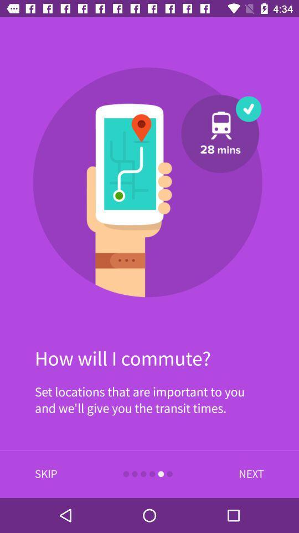 The image size is (299, 533). Describe the element at coordinates (45, 474) in the screenshot. I see `the skip item` at that location.